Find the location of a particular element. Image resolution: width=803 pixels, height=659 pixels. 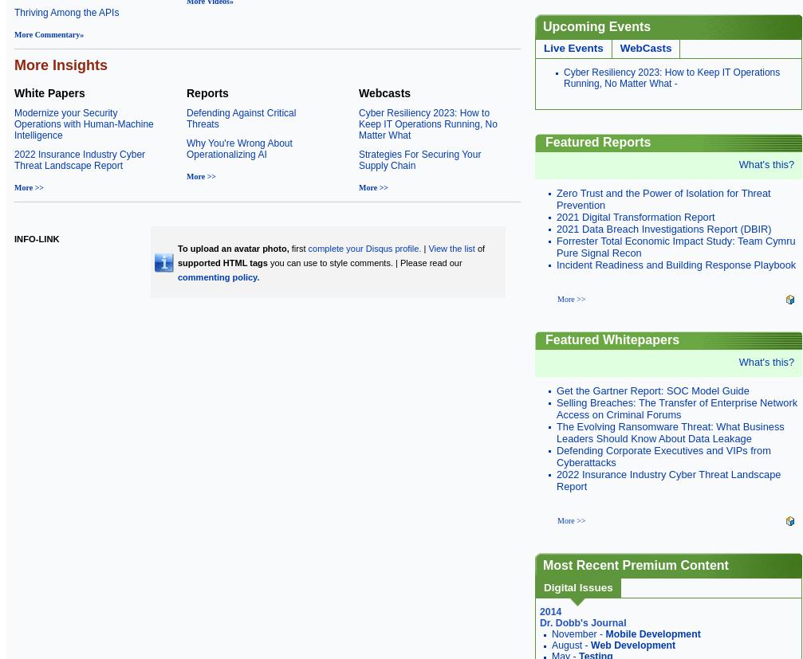

'November -' is located at coordinates (577, 633).